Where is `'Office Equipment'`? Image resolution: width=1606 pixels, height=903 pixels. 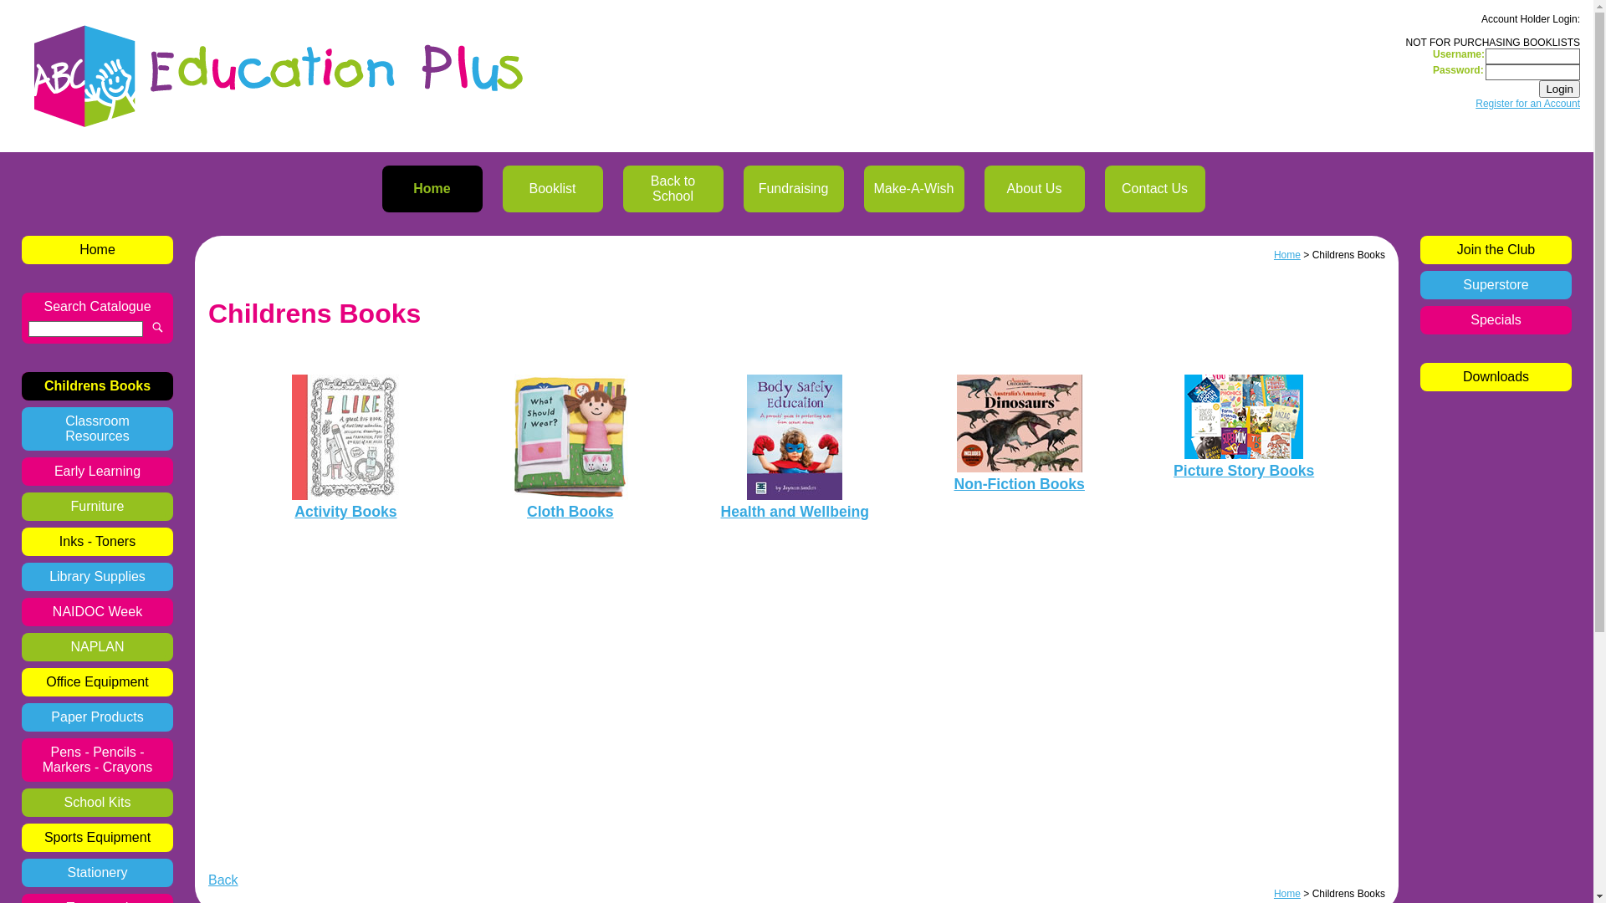
'Office Equipment' is located at coordinates (96, 682).